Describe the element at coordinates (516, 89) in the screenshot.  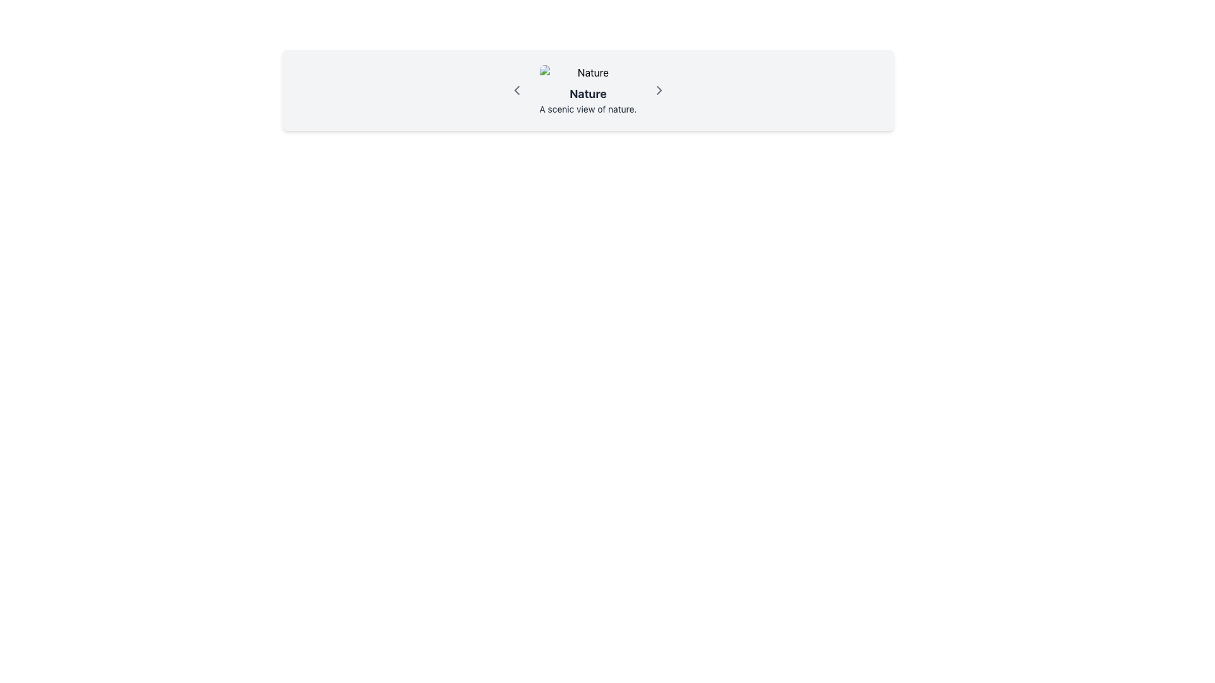
I see `the left-facing chevron icon button, which is gray and turns blue on hover, located to the left of the central title and description section` at that location.